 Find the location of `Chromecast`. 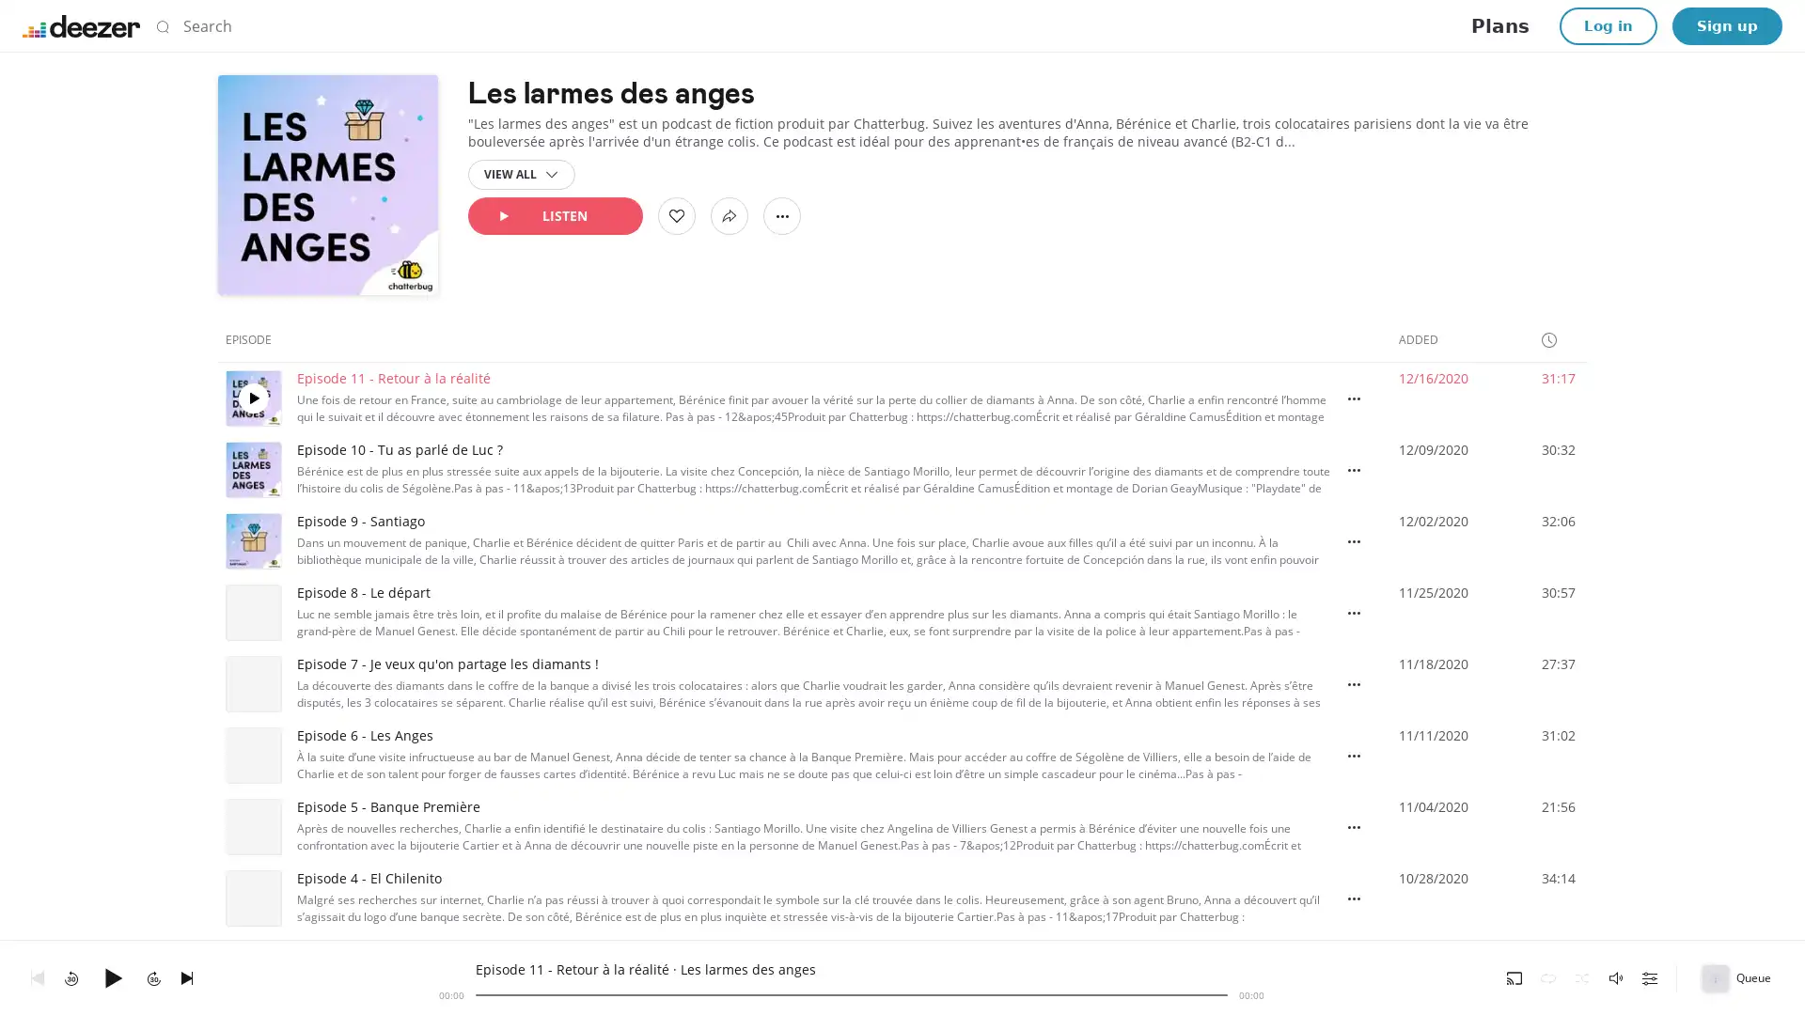

Chromecast is located at coordinates (1515, 976).